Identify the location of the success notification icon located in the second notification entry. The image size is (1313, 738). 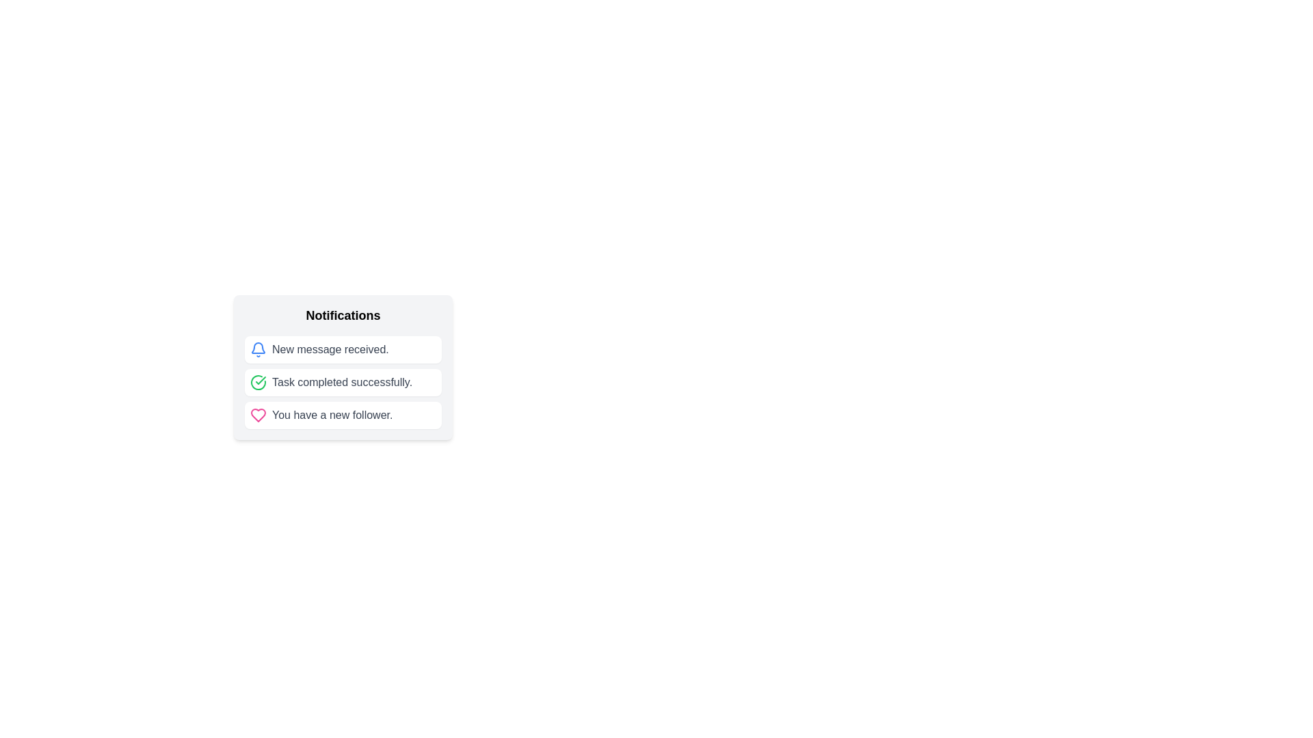
(258, 382).